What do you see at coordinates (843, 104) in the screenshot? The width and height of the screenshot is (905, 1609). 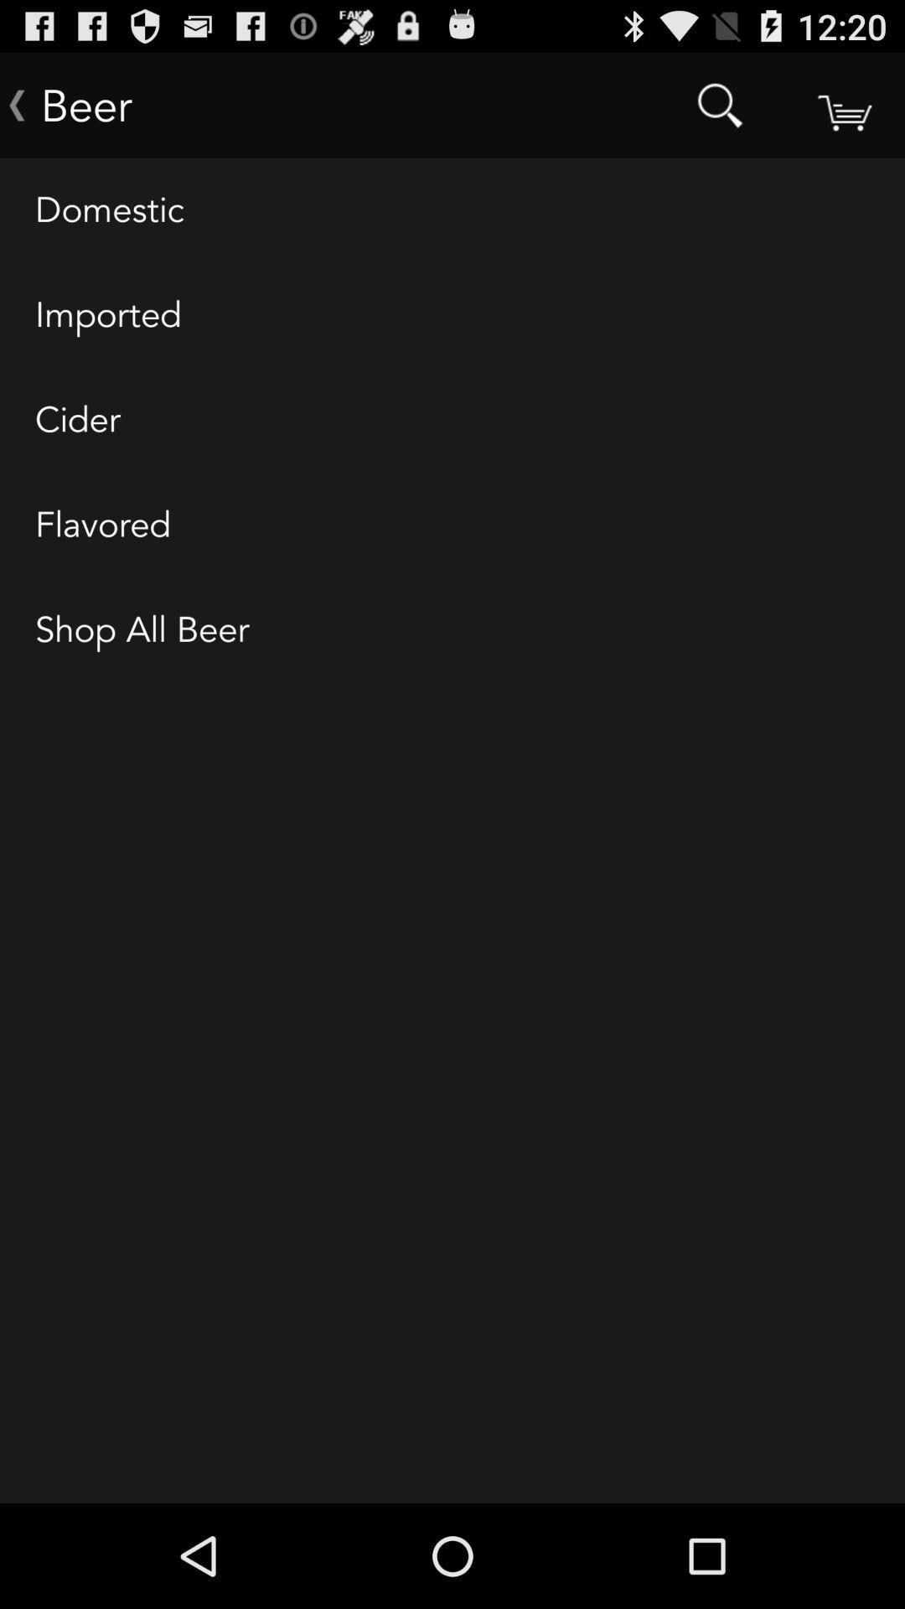 I see `the icon above domestic item` at bounding box center [843, 104].